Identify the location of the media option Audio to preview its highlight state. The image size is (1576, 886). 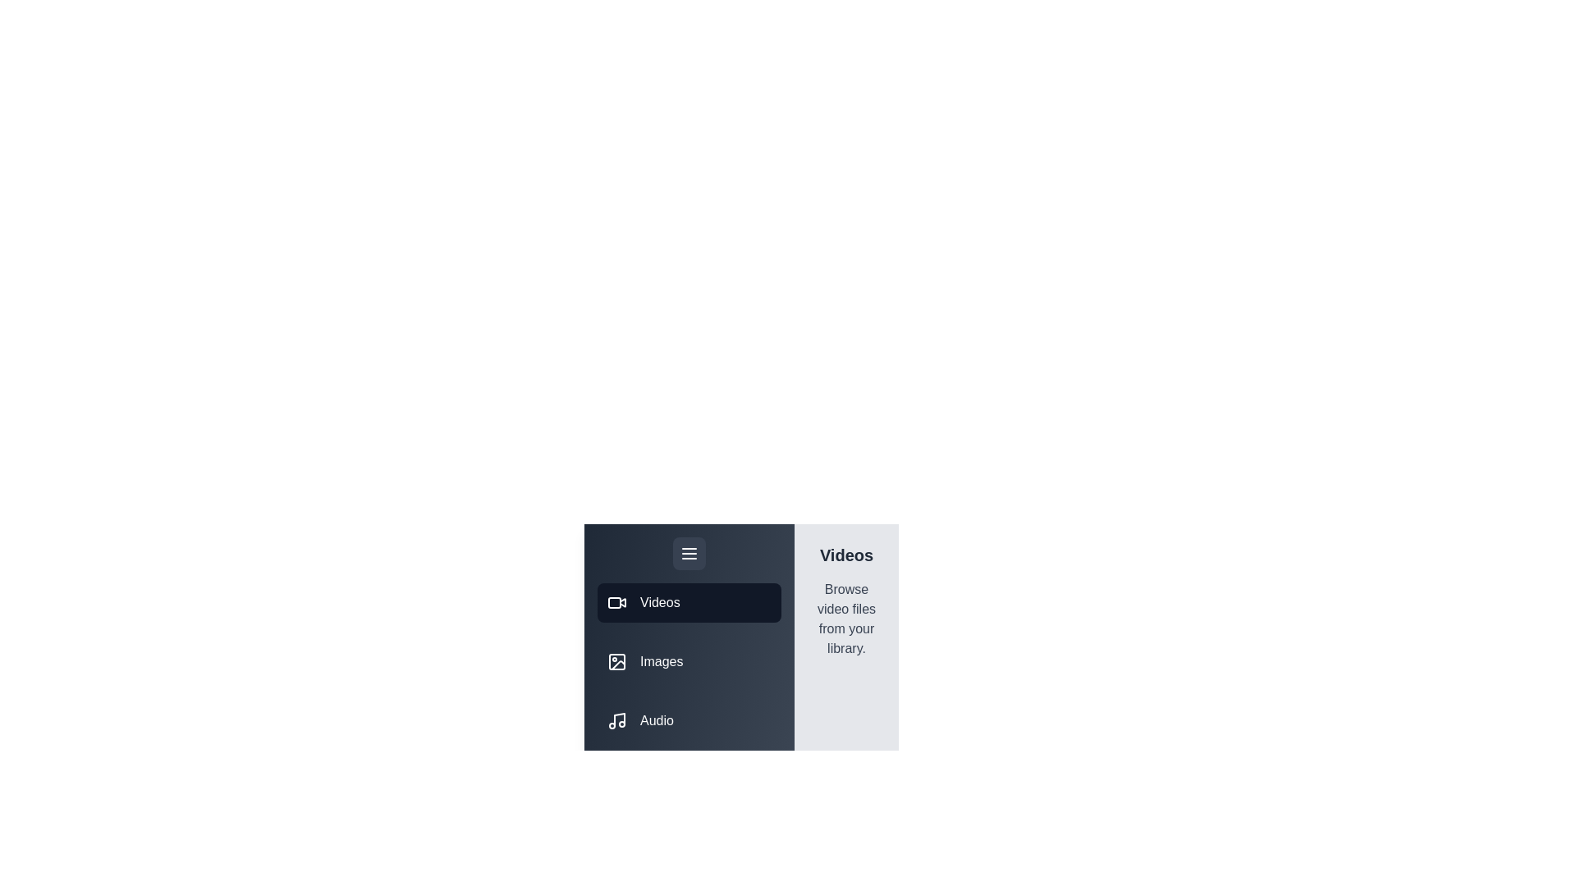
(689, 720).